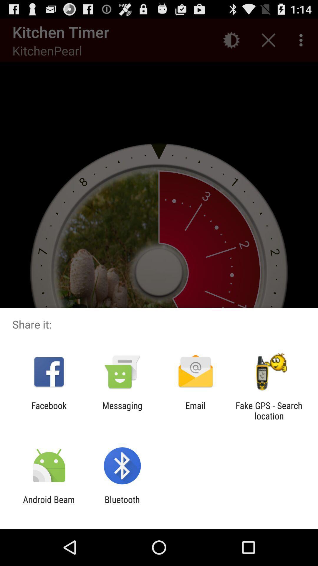 This screenshot has width=318, height=566. What do you see at coordinates (122, 410) in the screenshot?
I see `app next to facebook icon` at bounding box center [122, 410].